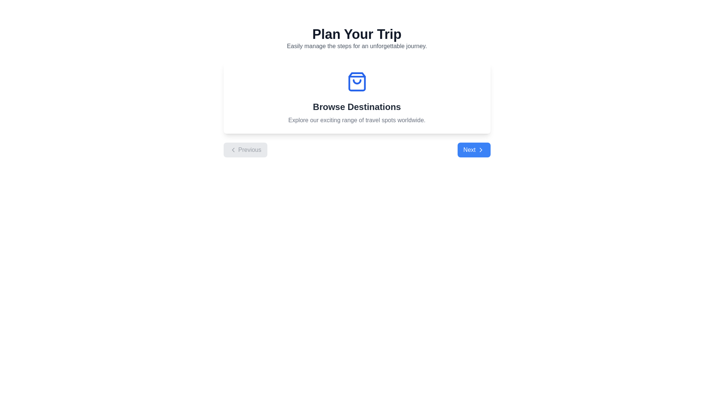 The width and height of the screenshot is (712, 400). I want to click on the shopping bag icon, which is a blue graphical representation with a rectangular body and curved handle, located prominently below the 'Plan Your Trip' heading, so click(357, 81).